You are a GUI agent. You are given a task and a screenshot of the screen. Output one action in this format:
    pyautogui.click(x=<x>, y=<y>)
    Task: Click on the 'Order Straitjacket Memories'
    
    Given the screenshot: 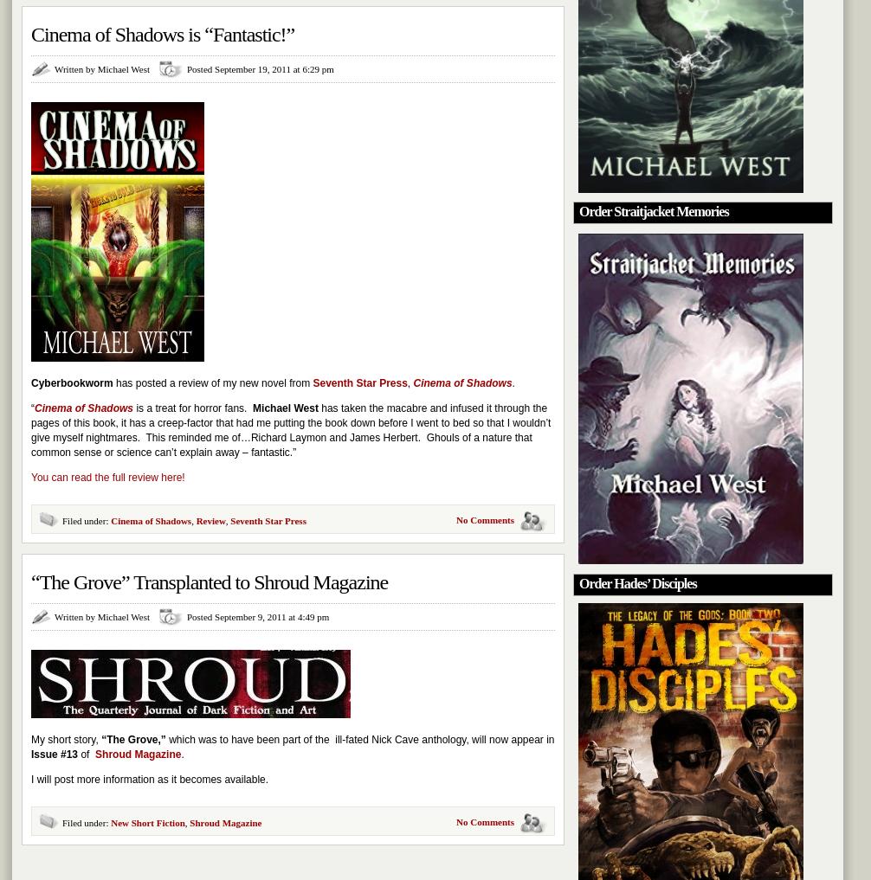 What is the action you would take?
    pyautogui.click(x=653, y=209)
    